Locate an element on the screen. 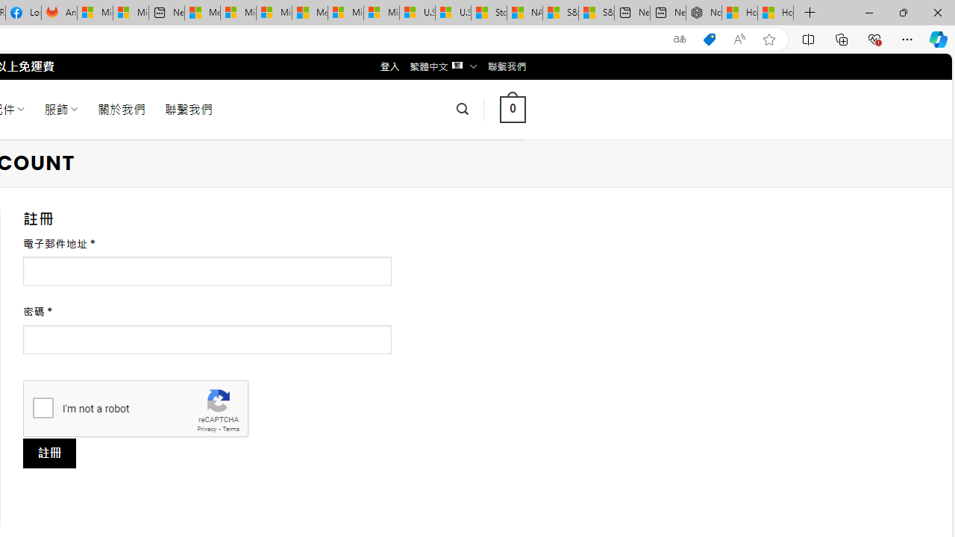 The image size is (955, 537). 'Terms' is located at coordinates (230, 429).